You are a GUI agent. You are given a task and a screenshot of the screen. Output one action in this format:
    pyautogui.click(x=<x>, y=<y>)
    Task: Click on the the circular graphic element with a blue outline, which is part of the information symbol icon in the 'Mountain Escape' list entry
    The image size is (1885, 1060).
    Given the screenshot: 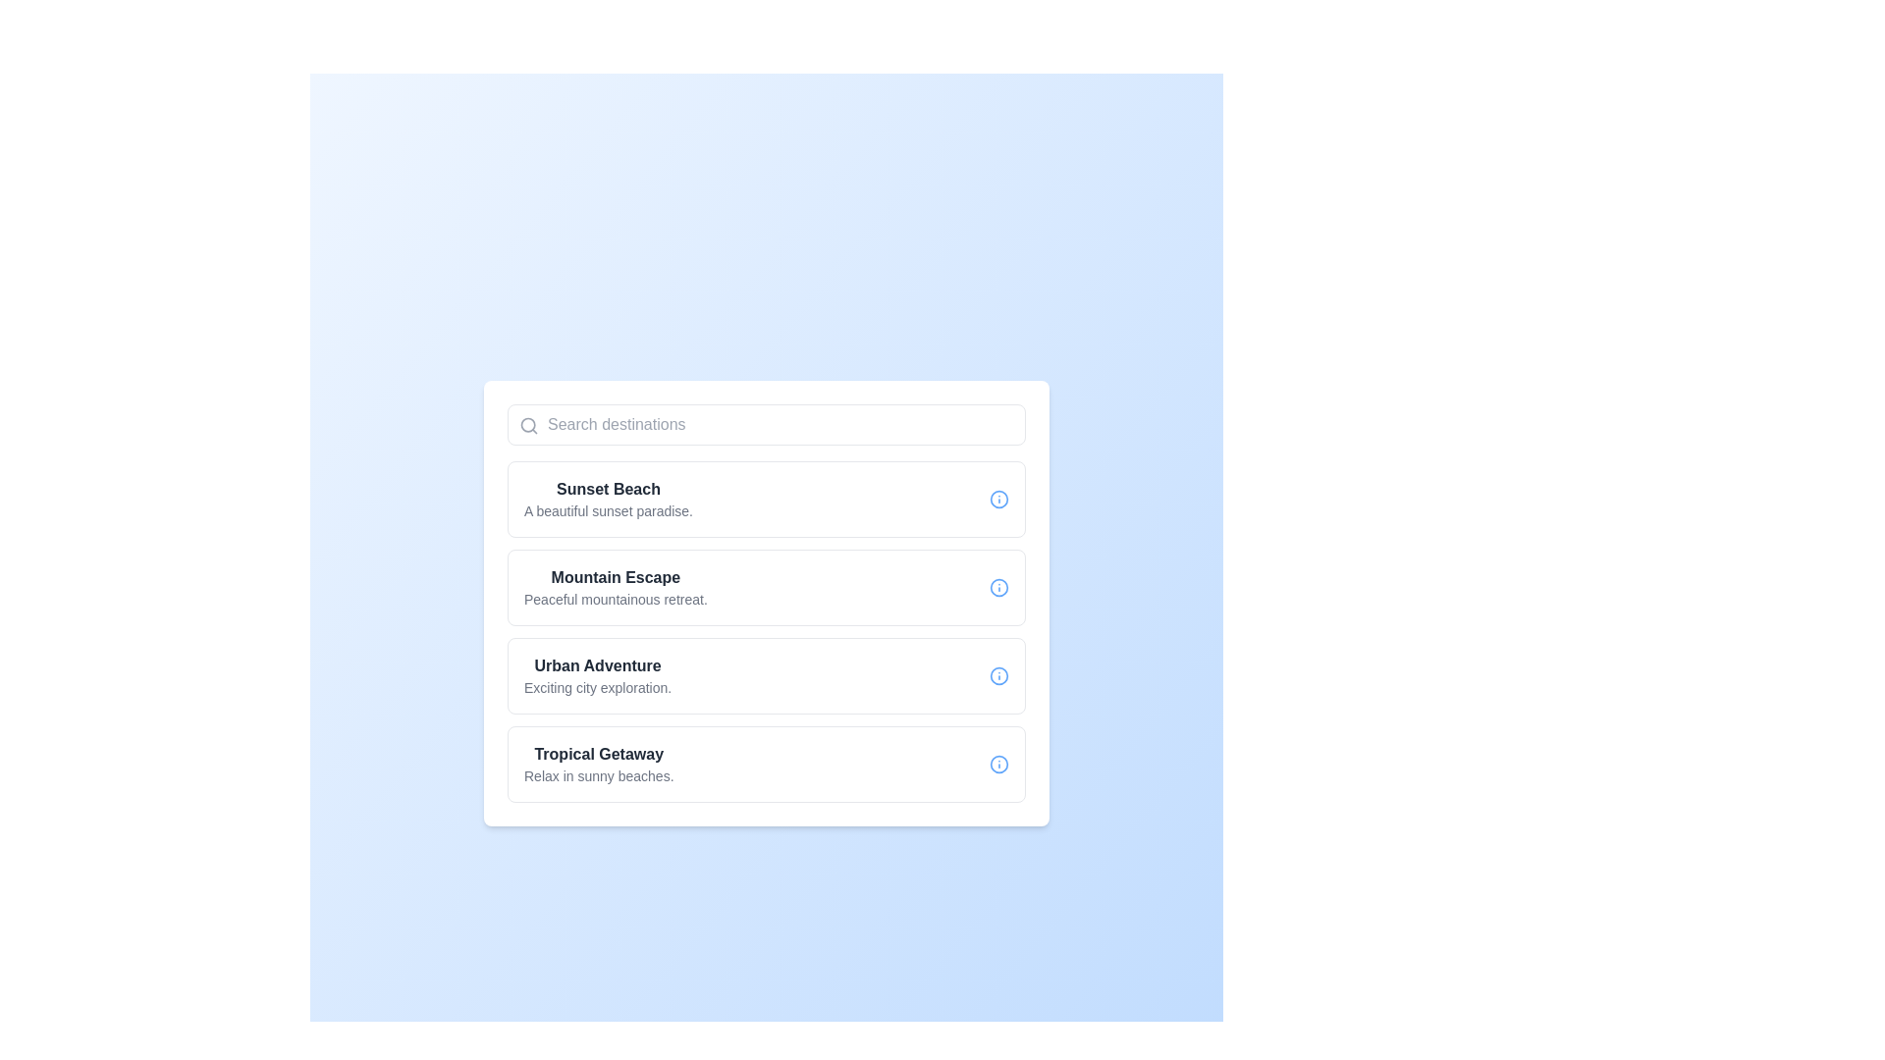 What is the action you would take?
    pyautogui.click(x=998, y=586)
    